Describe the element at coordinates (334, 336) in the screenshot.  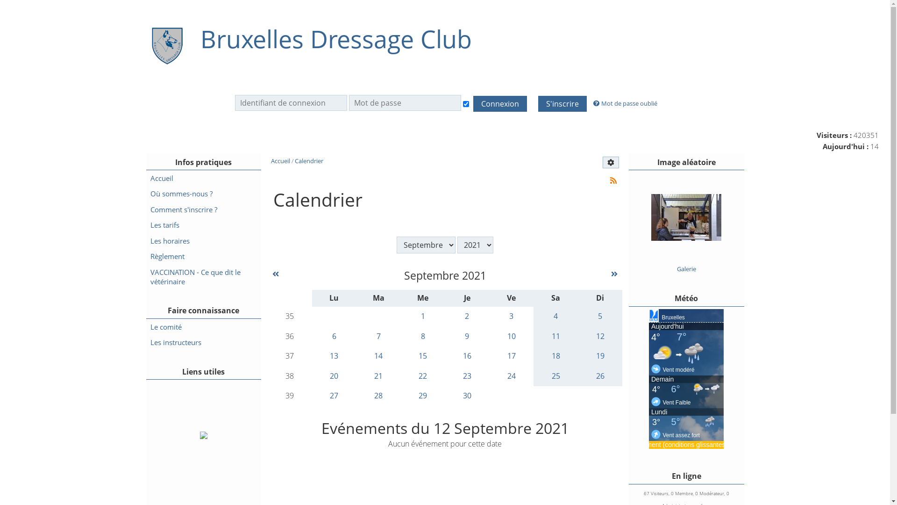
I see `'6'` at that location.